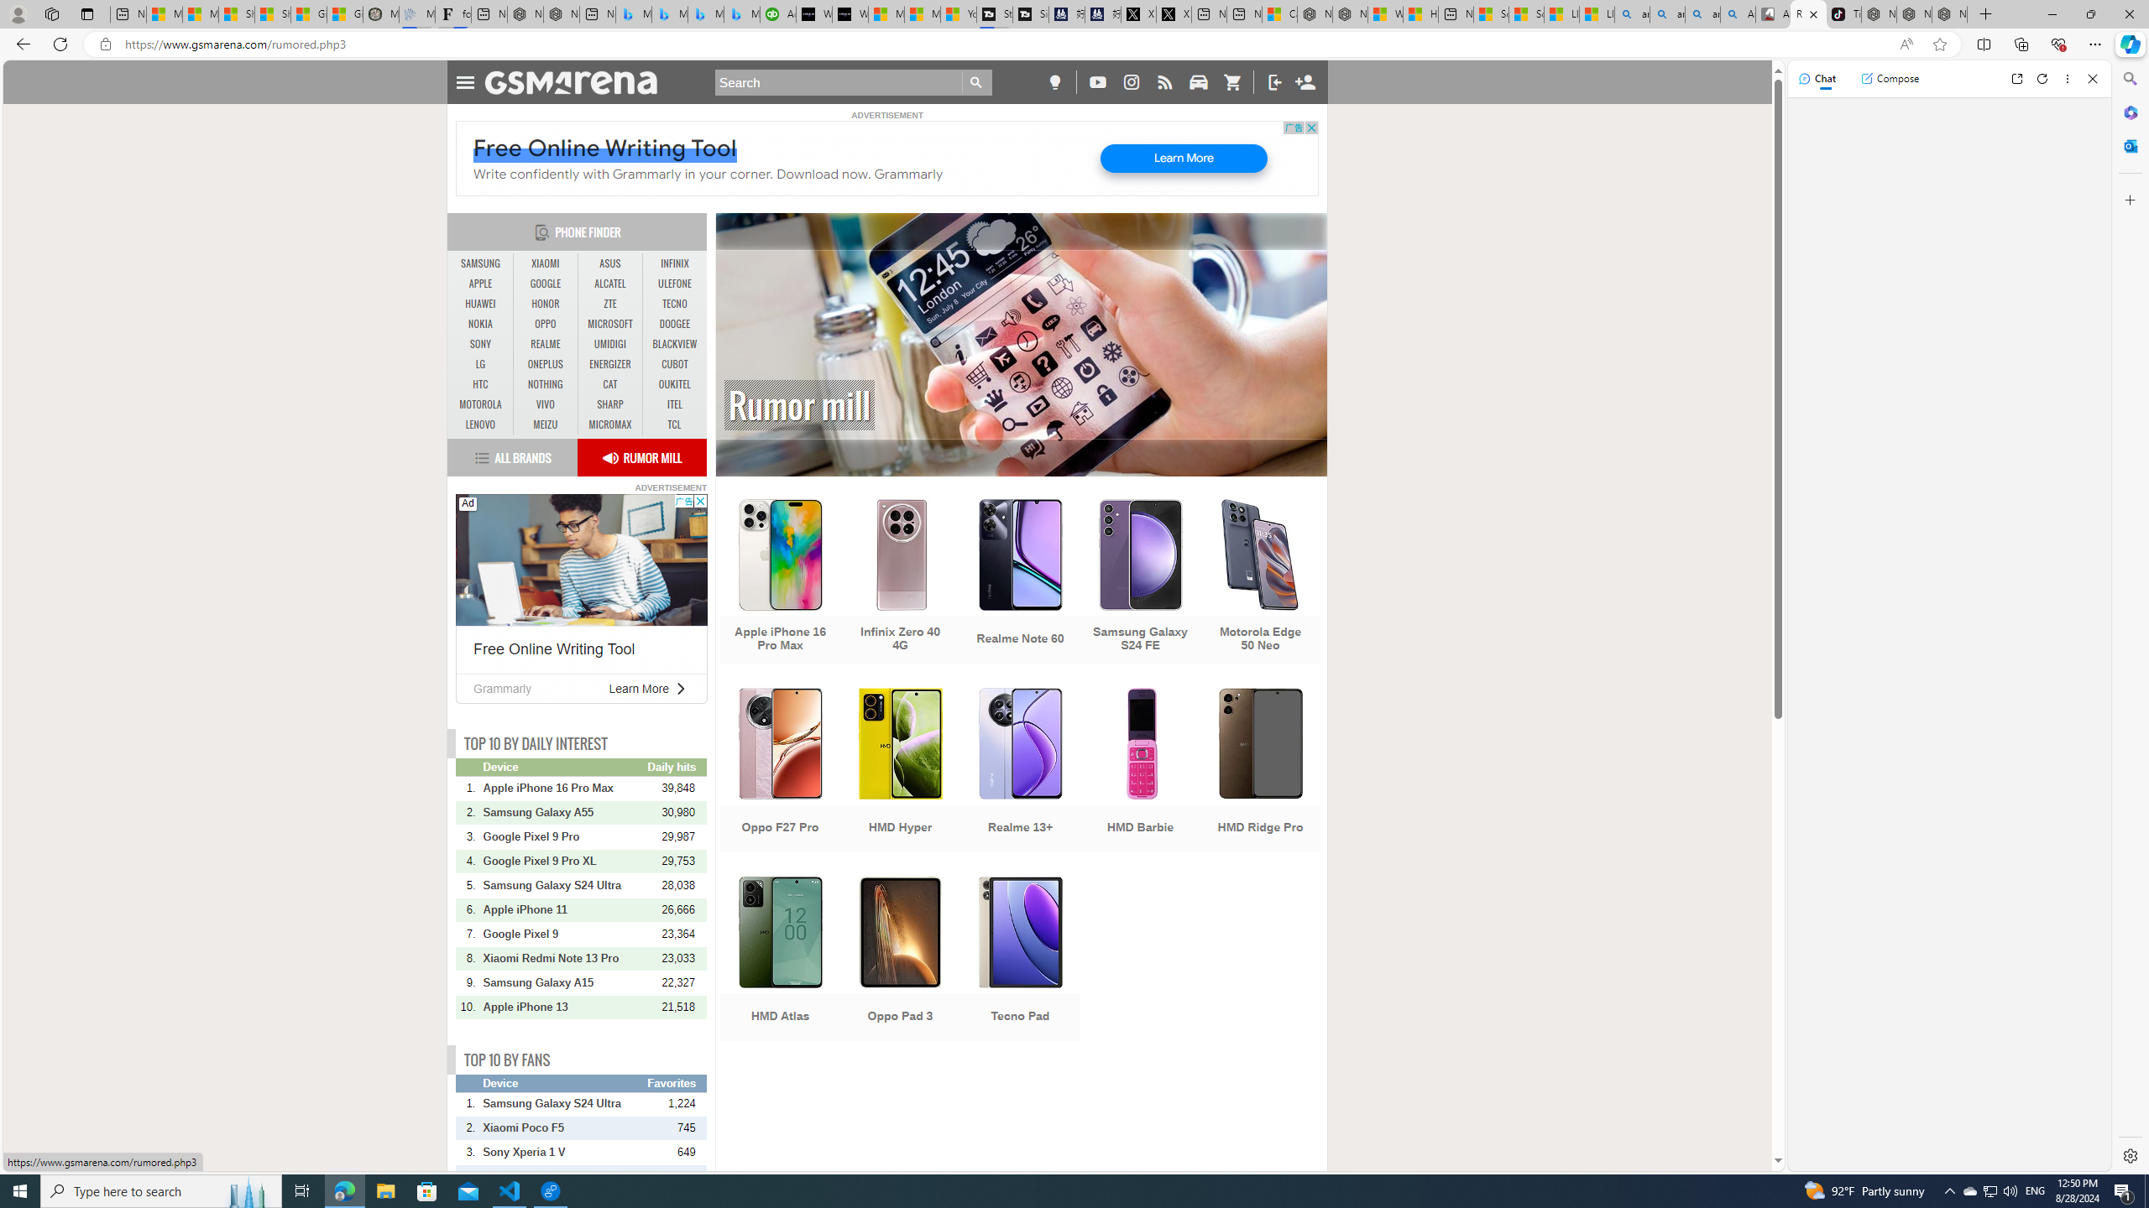 The image size is (2149, 1208). I want to click on 'Settings', so click(2128, 1154).